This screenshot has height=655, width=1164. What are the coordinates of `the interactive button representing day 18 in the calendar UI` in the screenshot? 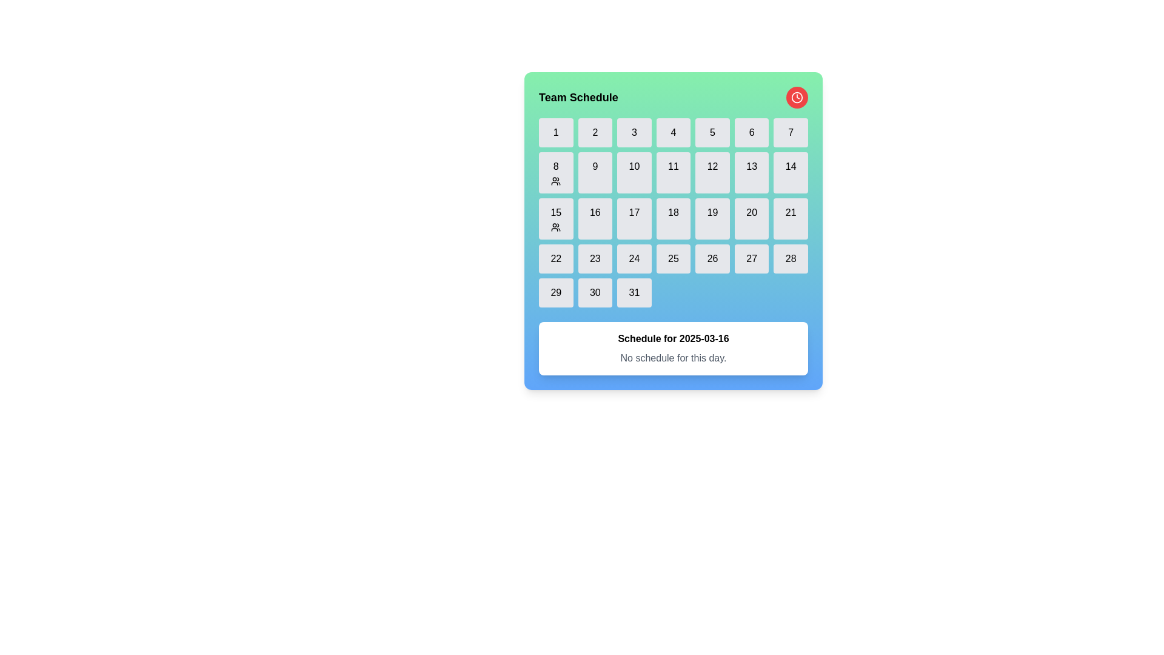 It's located at (672, 219).